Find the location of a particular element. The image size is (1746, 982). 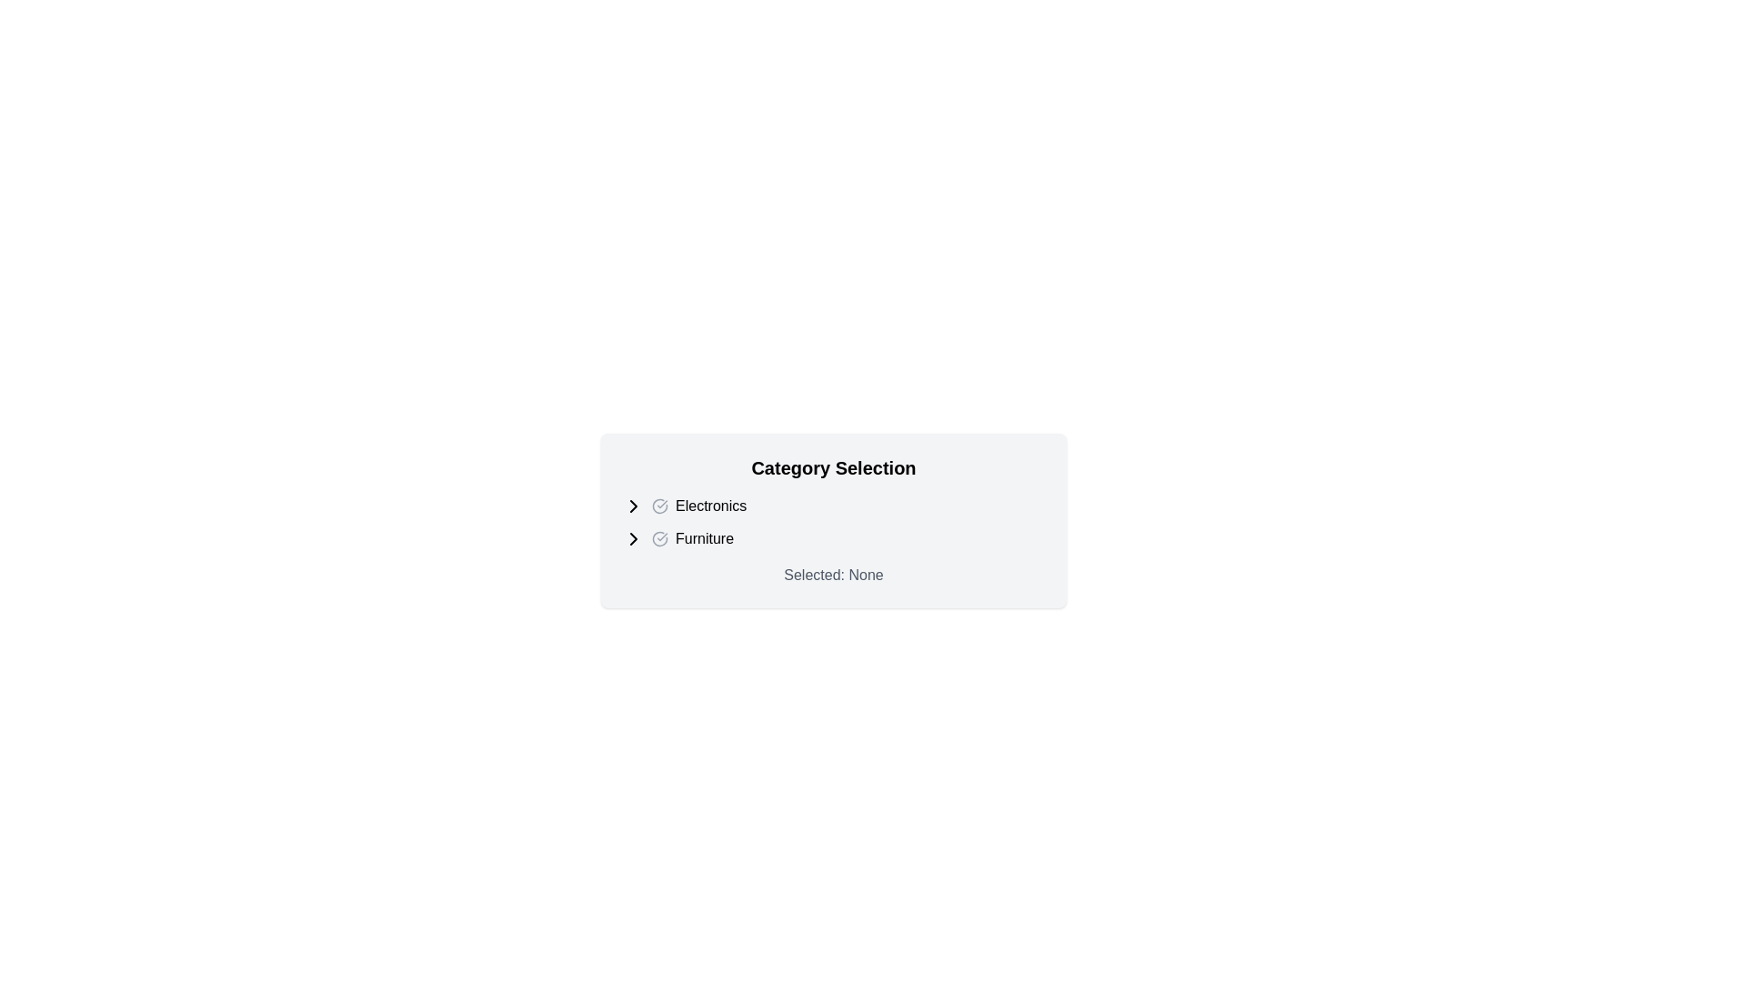

the circular checkmark icon with a gray outline located next to the text 'Furniture' in the category list is located at coordinates (658, 538).